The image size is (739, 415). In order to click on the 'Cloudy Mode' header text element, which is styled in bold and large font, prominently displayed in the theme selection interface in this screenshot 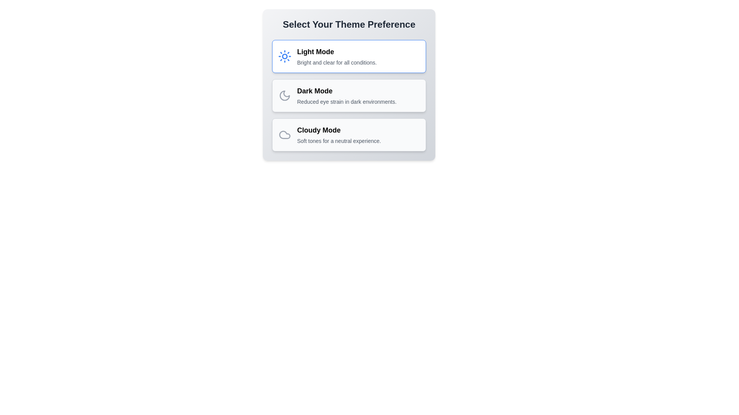, I will do `click(339, 130)`.